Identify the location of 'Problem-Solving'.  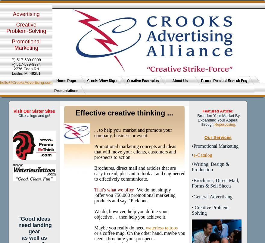
(26, 31).